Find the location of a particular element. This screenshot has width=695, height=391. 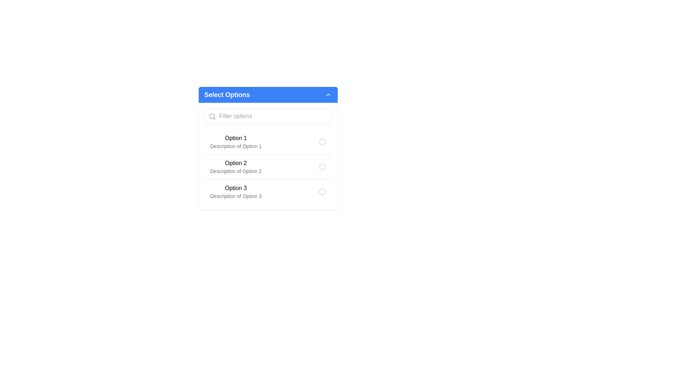

the toggle button at the top of the dropdown menu to show or hide the list of options below it is located at coordinates (268, 94).